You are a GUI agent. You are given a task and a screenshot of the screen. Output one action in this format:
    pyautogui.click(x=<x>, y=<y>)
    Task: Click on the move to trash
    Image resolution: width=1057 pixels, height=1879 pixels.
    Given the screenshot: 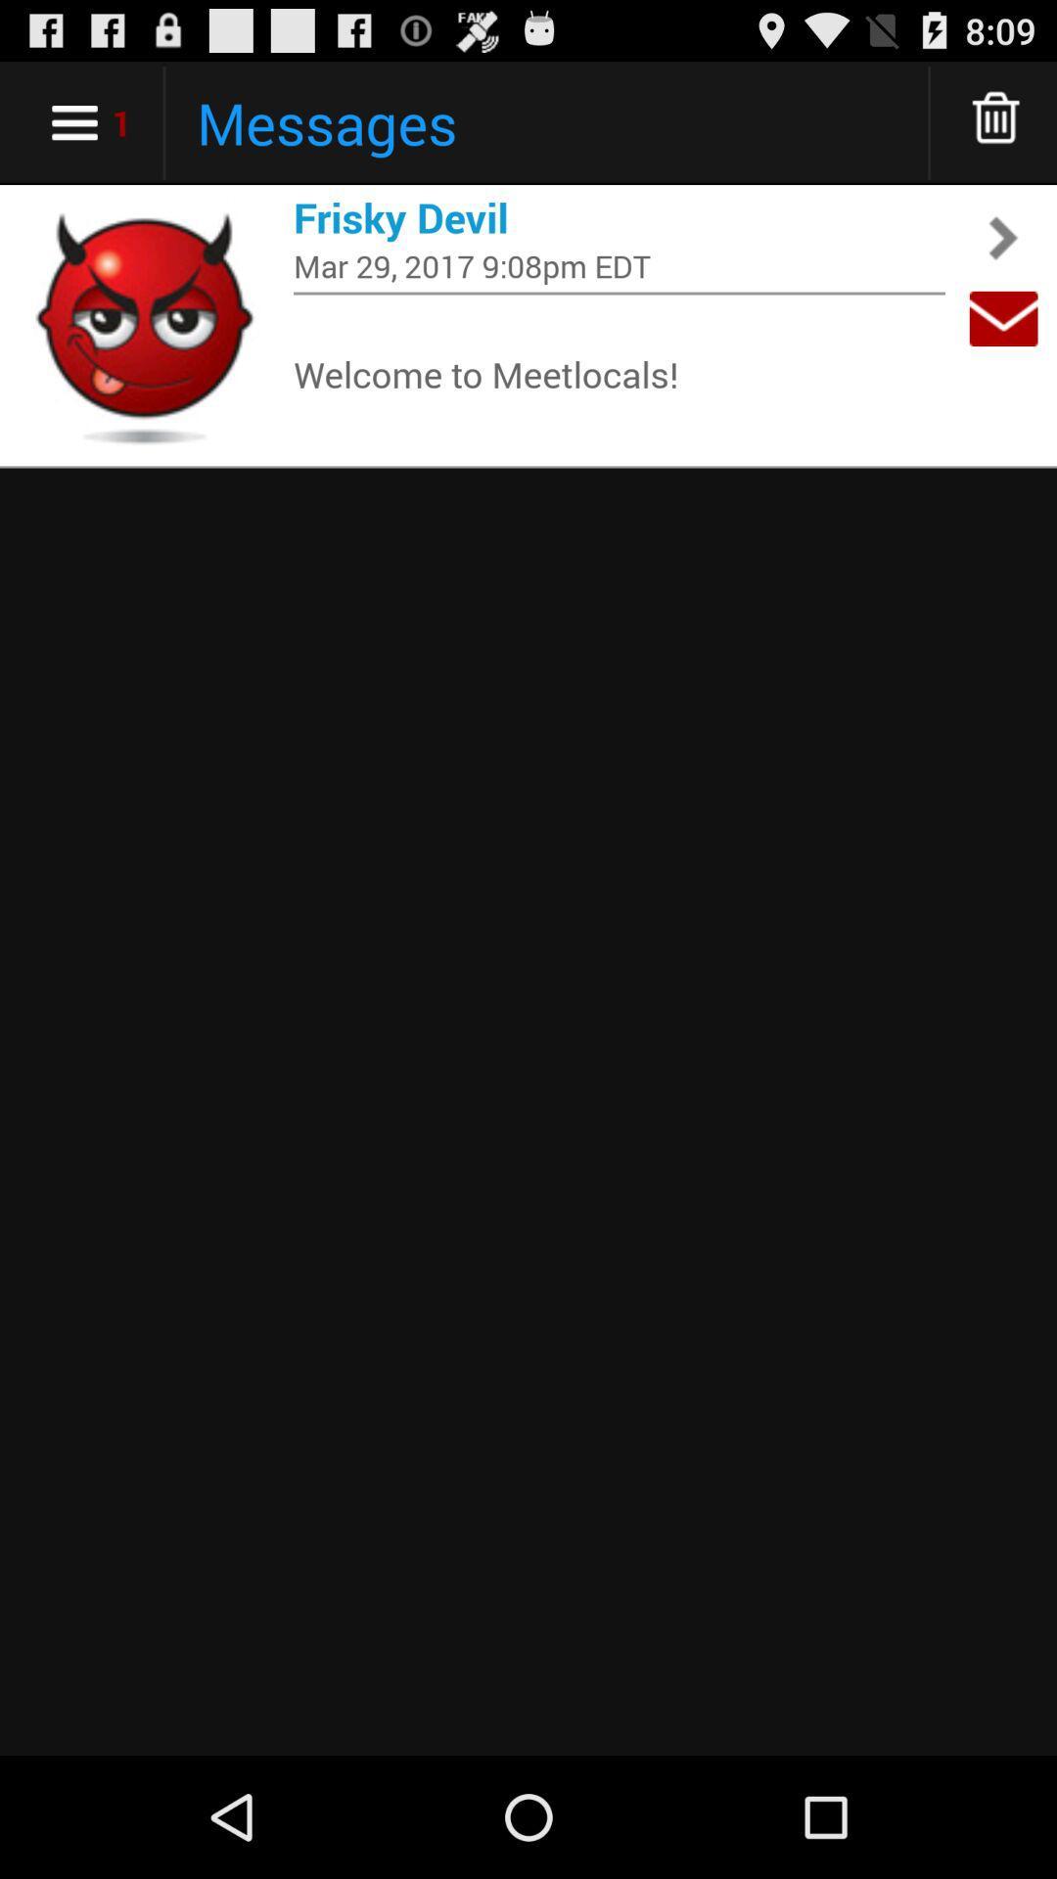 What is the action you would take?
    pyautogui.click(x=996, y=121)
    